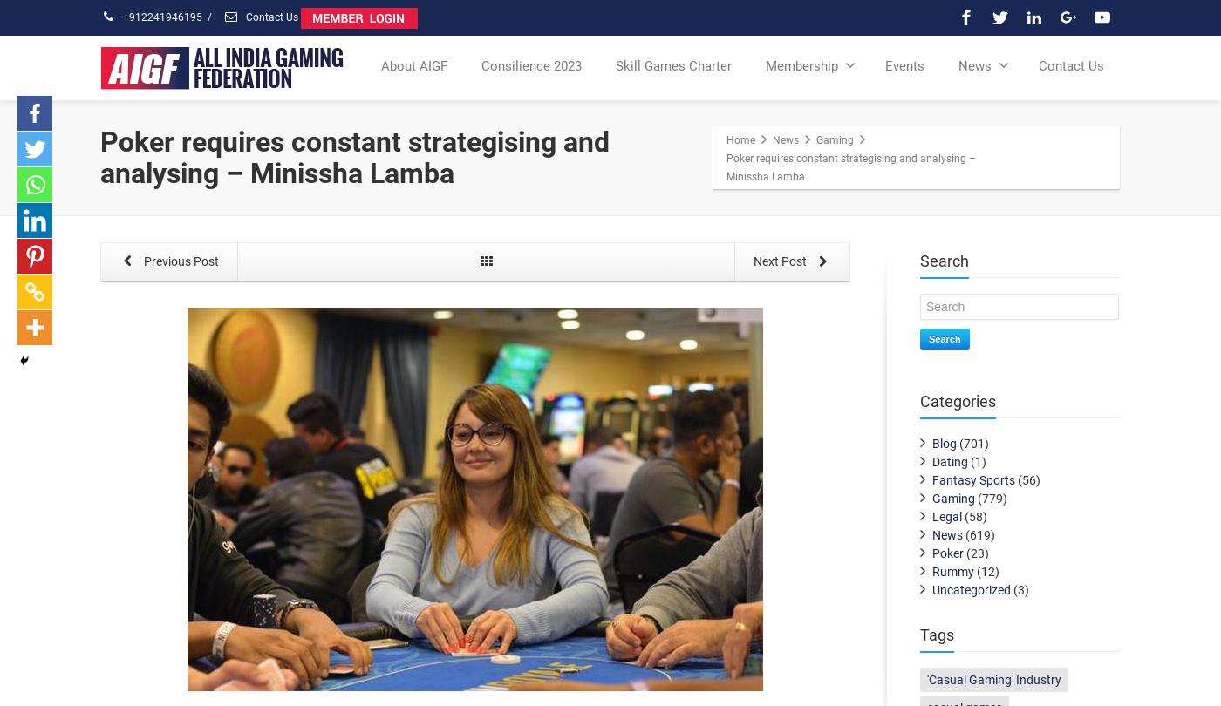 The image size is (1221, 706). What do you see at coordinates (1027, 479) in the screenshot?
I see `'(56)'` at bounding box center [1027, 479].